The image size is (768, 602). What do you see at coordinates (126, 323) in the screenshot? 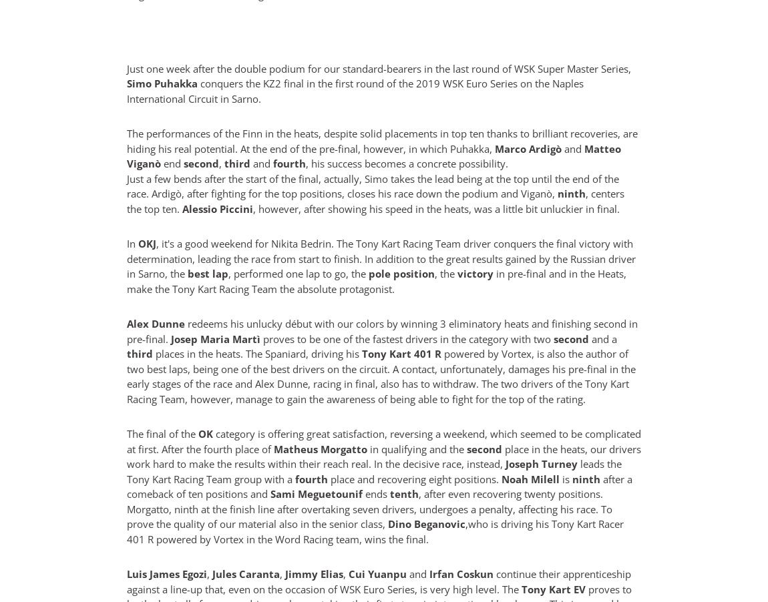
I see `'Alex Dunne'` at bounding box center [126, 323].